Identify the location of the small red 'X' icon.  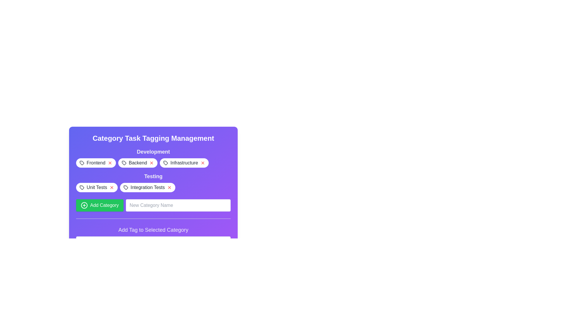
(112, 187).